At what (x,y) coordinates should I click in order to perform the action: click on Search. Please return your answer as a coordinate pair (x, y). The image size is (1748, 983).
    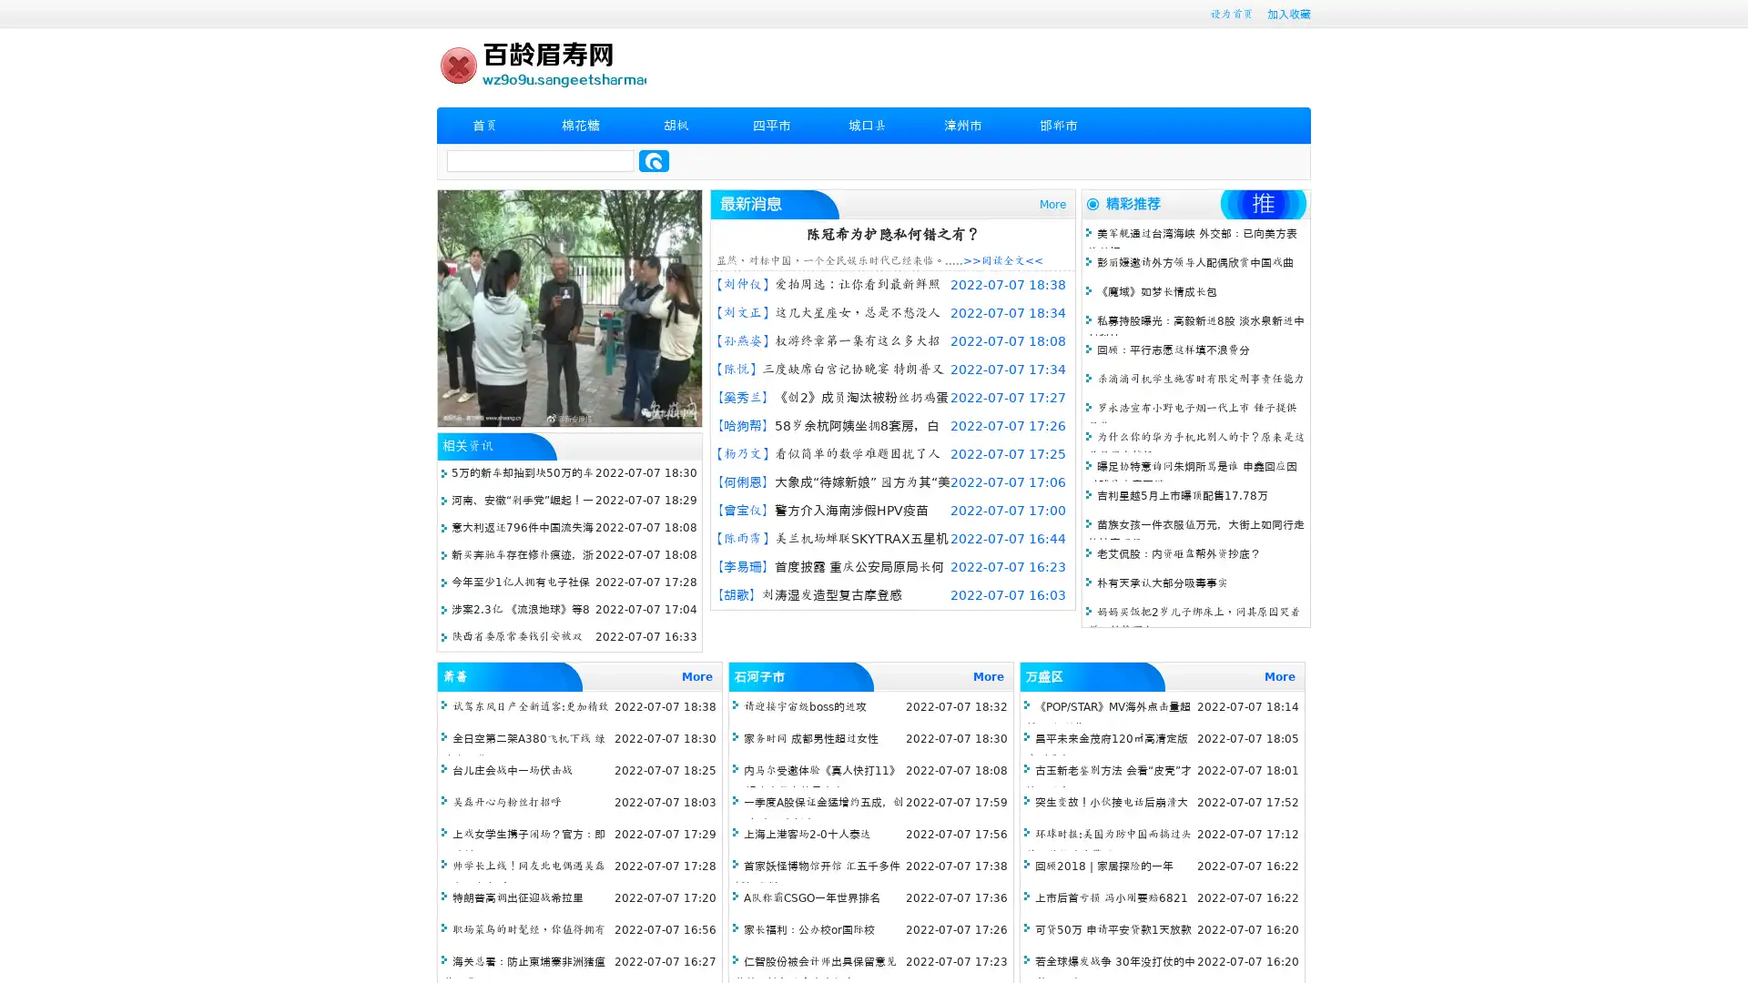
    Looking at the image, I should click on (654, 160).